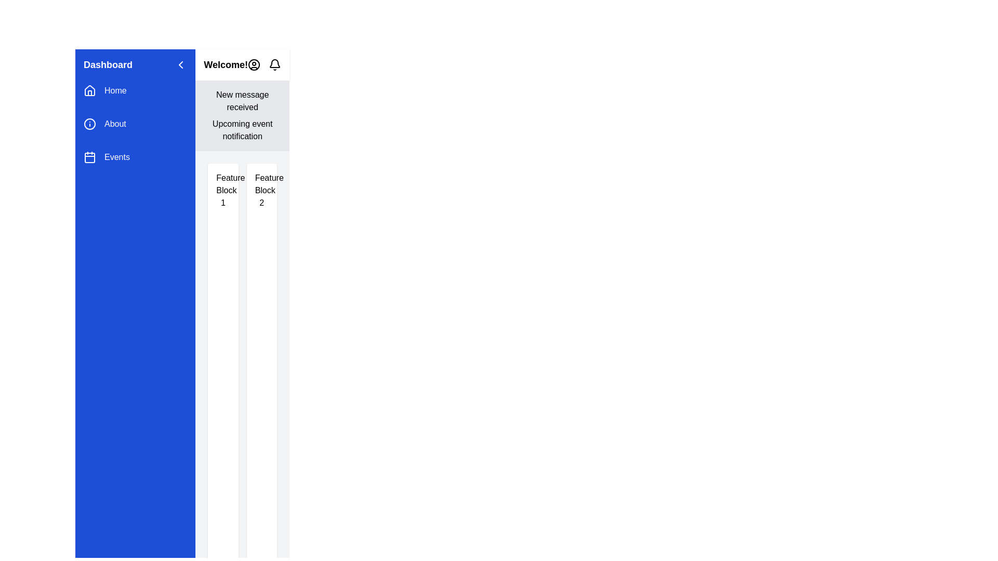  Describe the element at coordinates (264, 64) in the screenshot. I see `the notification bell icon in the header bar` at that location.